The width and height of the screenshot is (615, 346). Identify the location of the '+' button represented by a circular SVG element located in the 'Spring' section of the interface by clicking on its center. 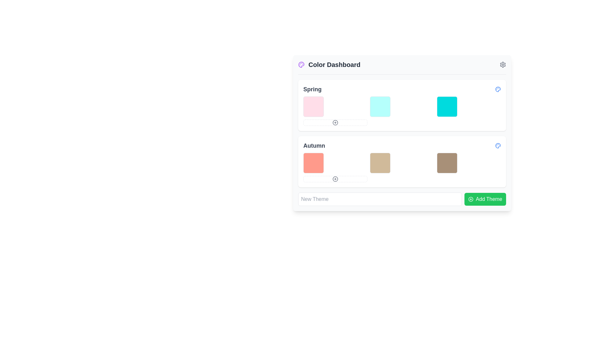
(335, 122).